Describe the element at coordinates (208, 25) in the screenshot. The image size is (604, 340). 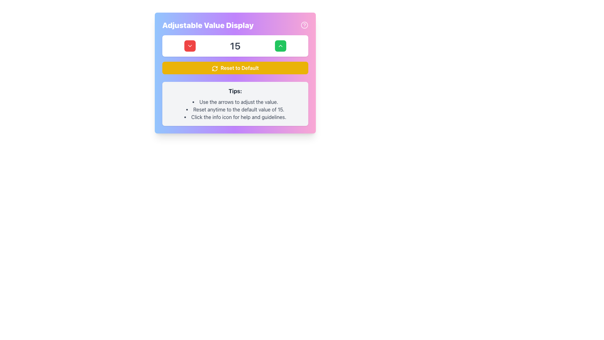
I see `the static text displaying 'Adjustable Value Display', which is styled in bold white font against a gradient background` at that location.